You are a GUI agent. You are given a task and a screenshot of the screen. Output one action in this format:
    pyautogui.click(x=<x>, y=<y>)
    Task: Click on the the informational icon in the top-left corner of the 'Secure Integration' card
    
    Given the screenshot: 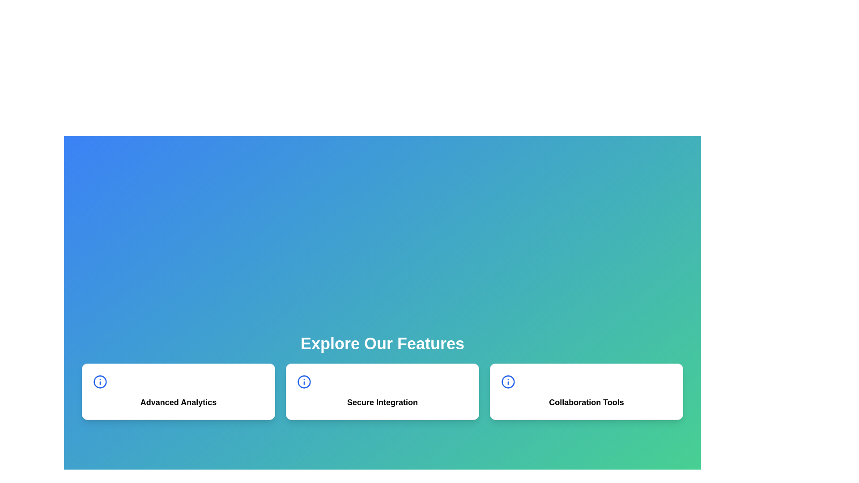 What is the action you would take?
    pyautogui.click(x=304, y=381)
    